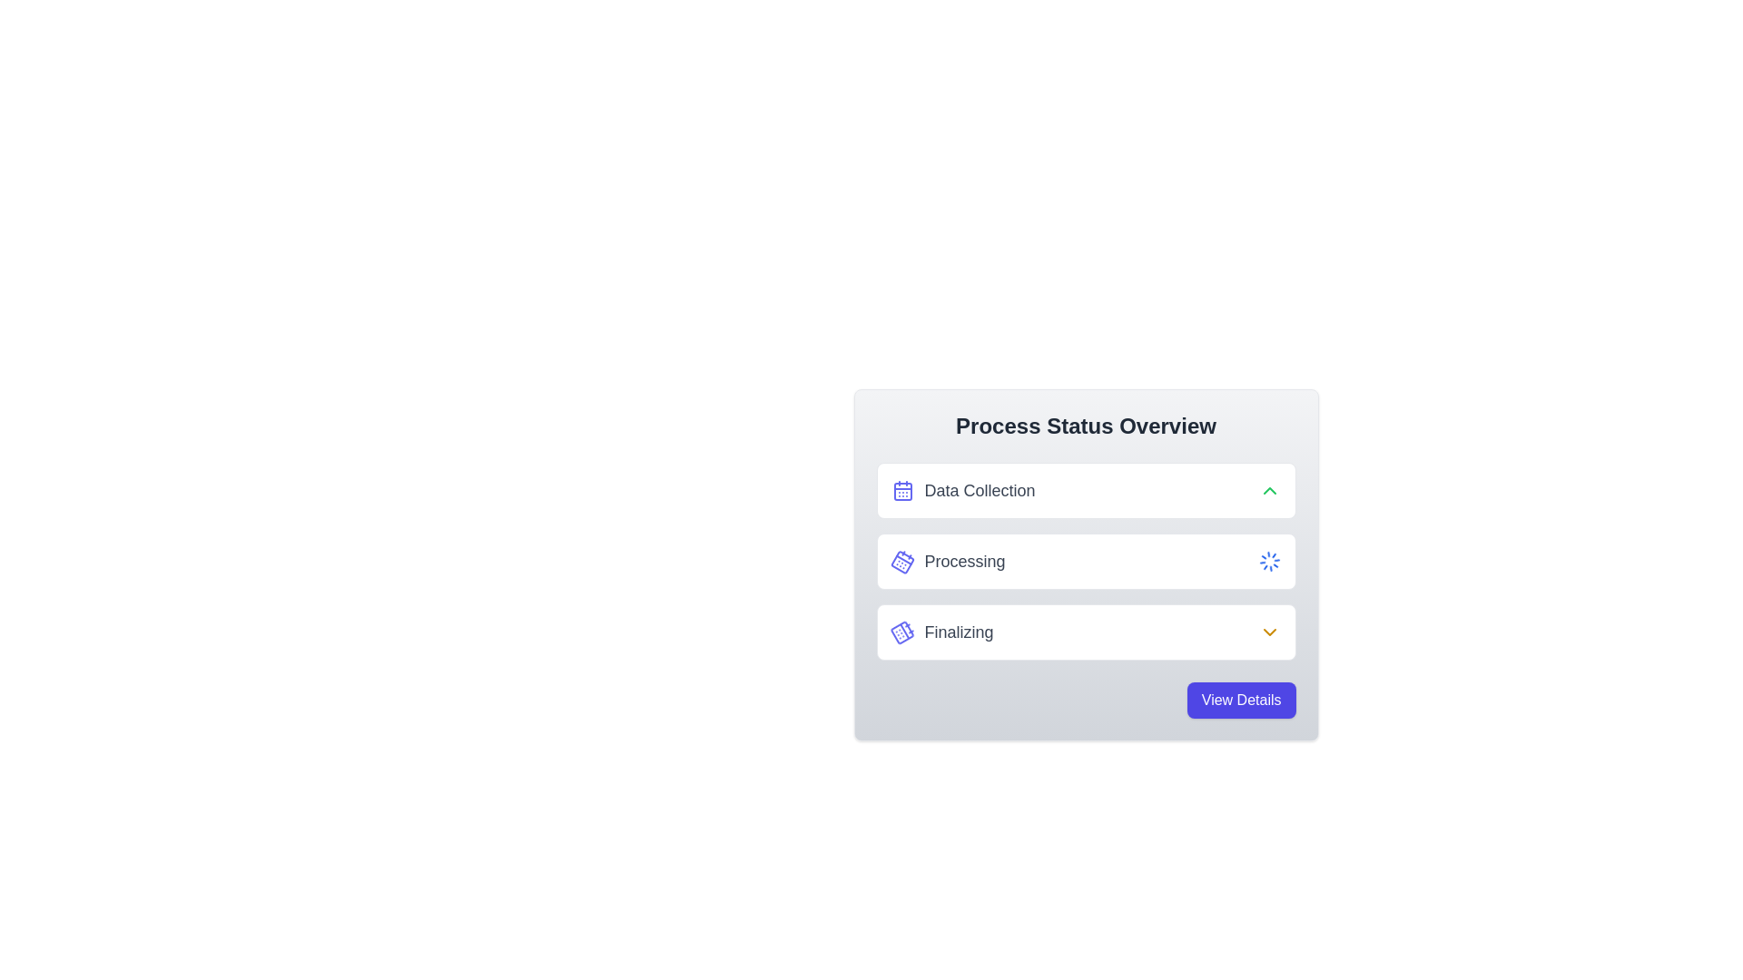 This screenshot has width=1743, height=980. What do you see at coordinates (1086, 426) in the screenshot?
I see `the header Text Label located at the top of the card-like layout` at bounding box center [1086, 426].